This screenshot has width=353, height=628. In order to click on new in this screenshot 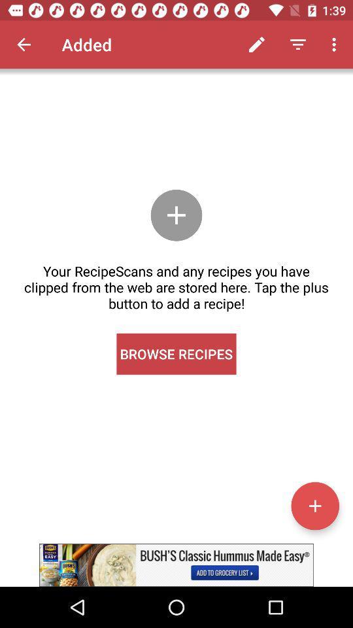, I will do `click(314, 505)`.